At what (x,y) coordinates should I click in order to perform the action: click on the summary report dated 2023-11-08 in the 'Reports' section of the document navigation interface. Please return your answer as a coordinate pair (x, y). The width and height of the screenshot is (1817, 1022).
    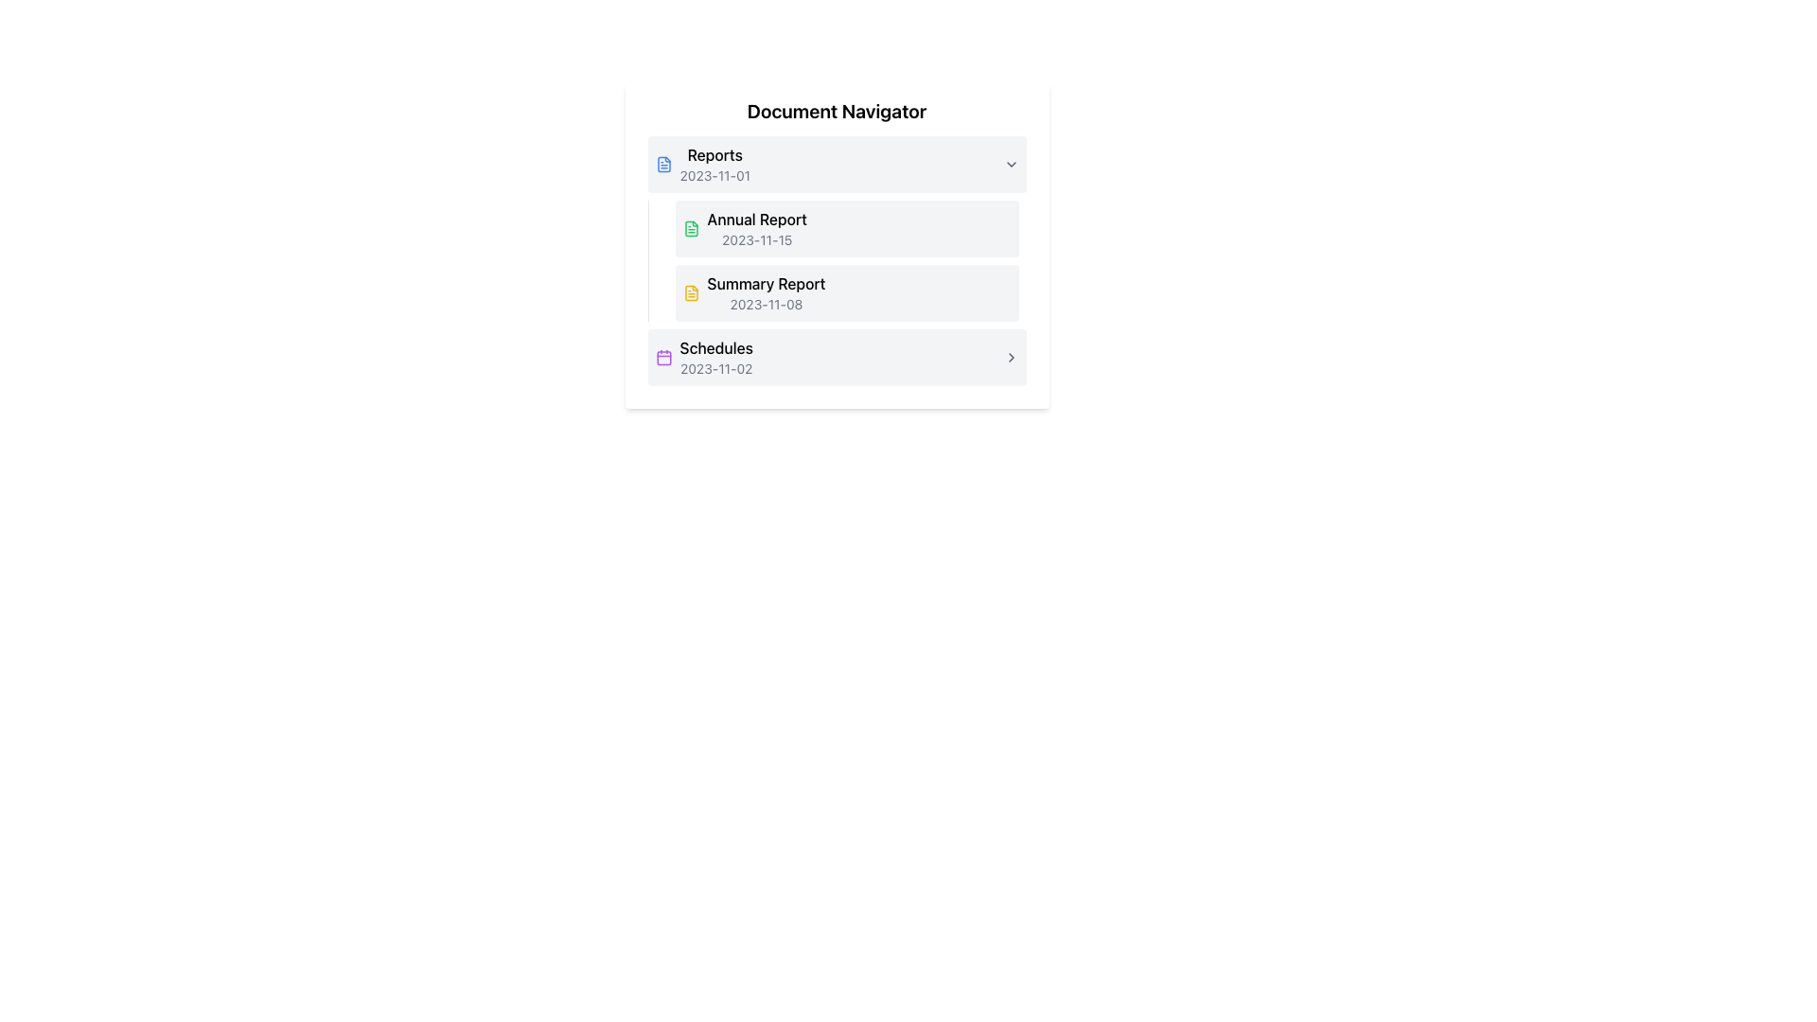
    Looking at the image, I should click on (845, 292).